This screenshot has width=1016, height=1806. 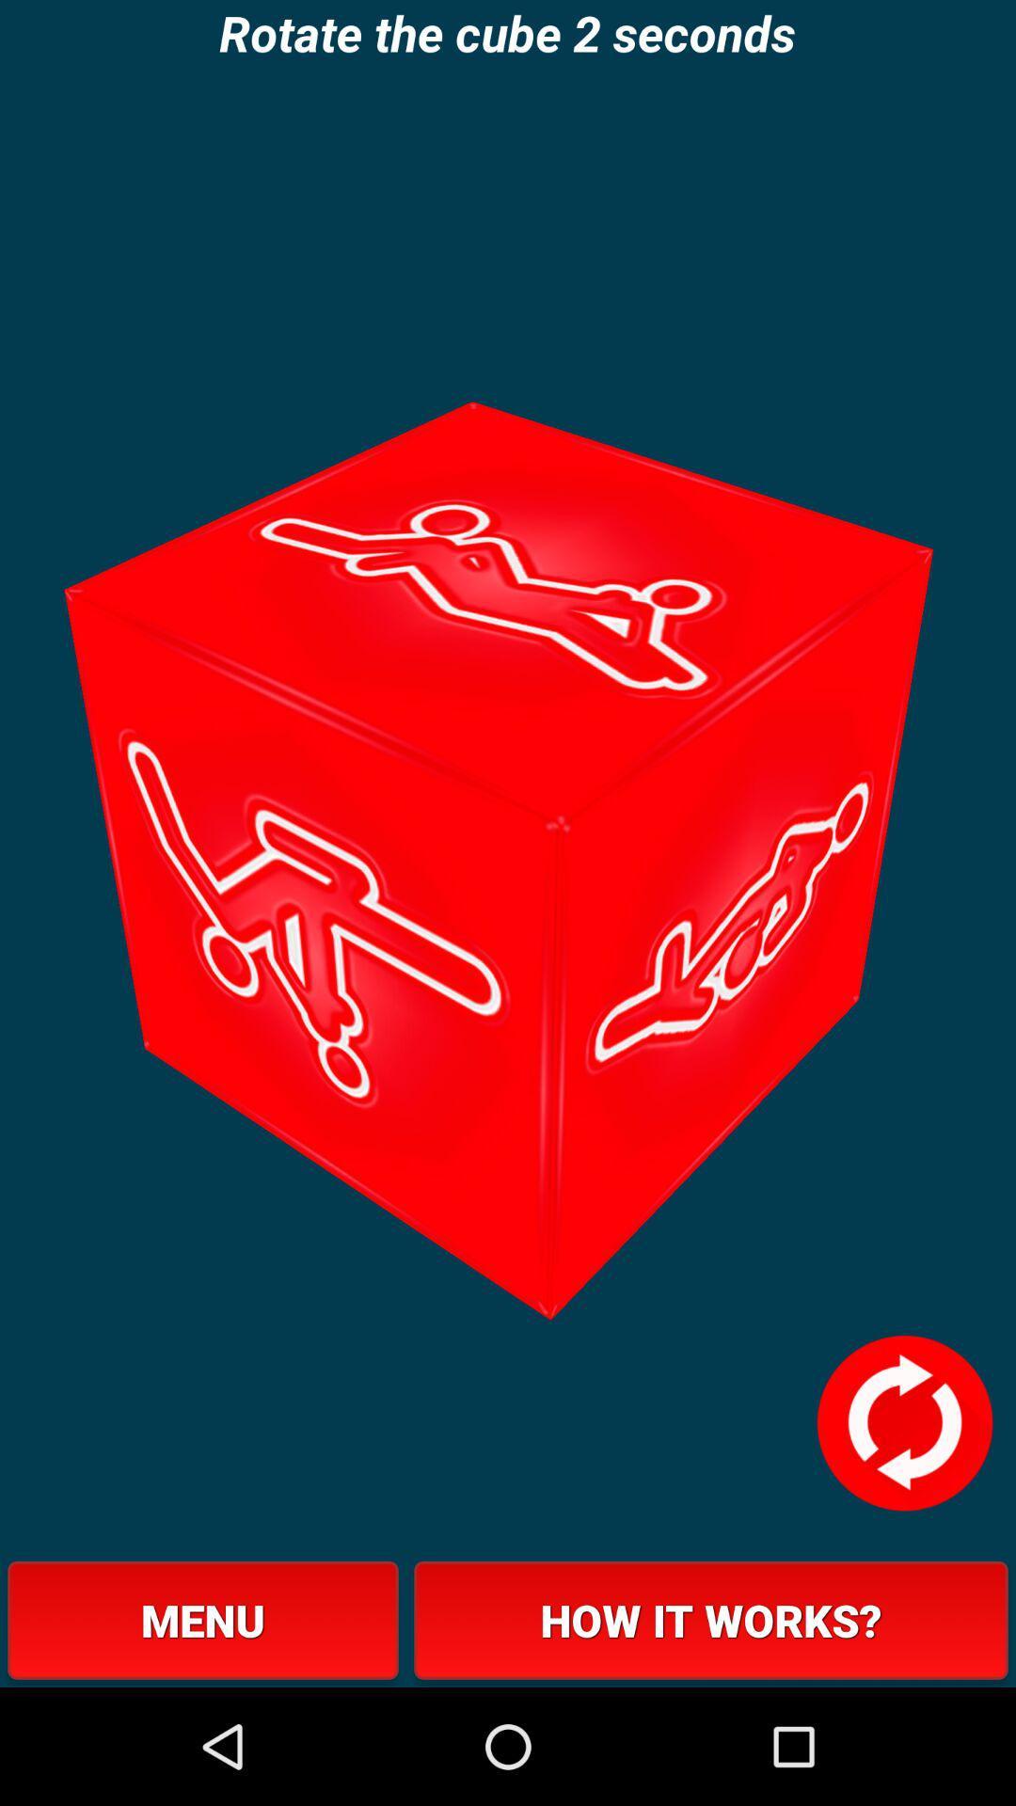 What do you see at coordinates (903, 1423) in the screenshot?
I see `rotate` at bounding box center [903, 1423].